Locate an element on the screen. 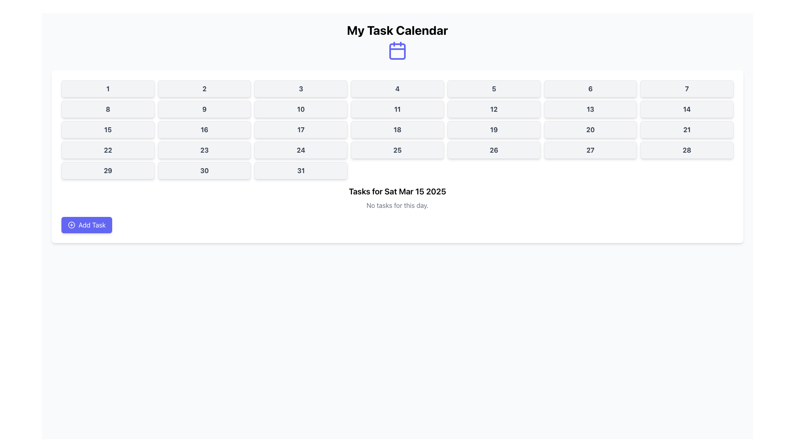 This screenshot has height=442, width=786. the button representing the 22nd day in the monthly calendar view is located at coordinates (107, 150).